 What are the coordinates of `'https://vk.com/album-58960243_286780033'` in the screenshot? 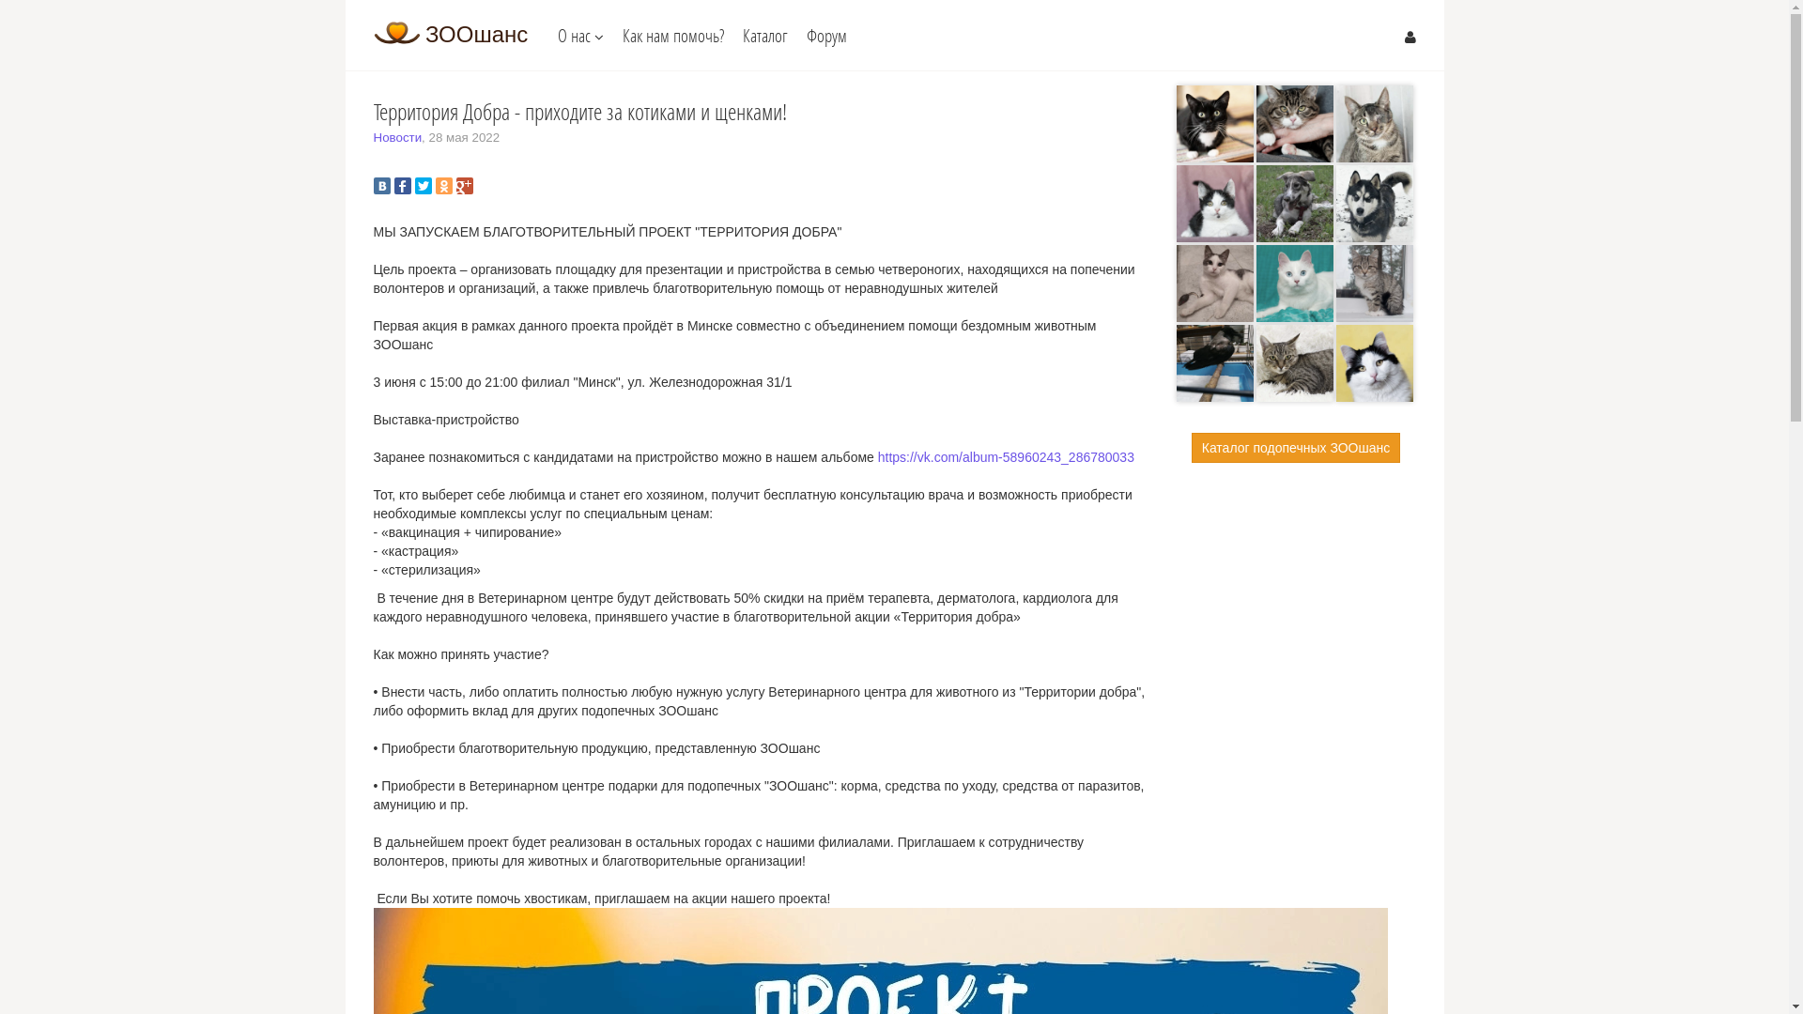 It's located at (877, 456).